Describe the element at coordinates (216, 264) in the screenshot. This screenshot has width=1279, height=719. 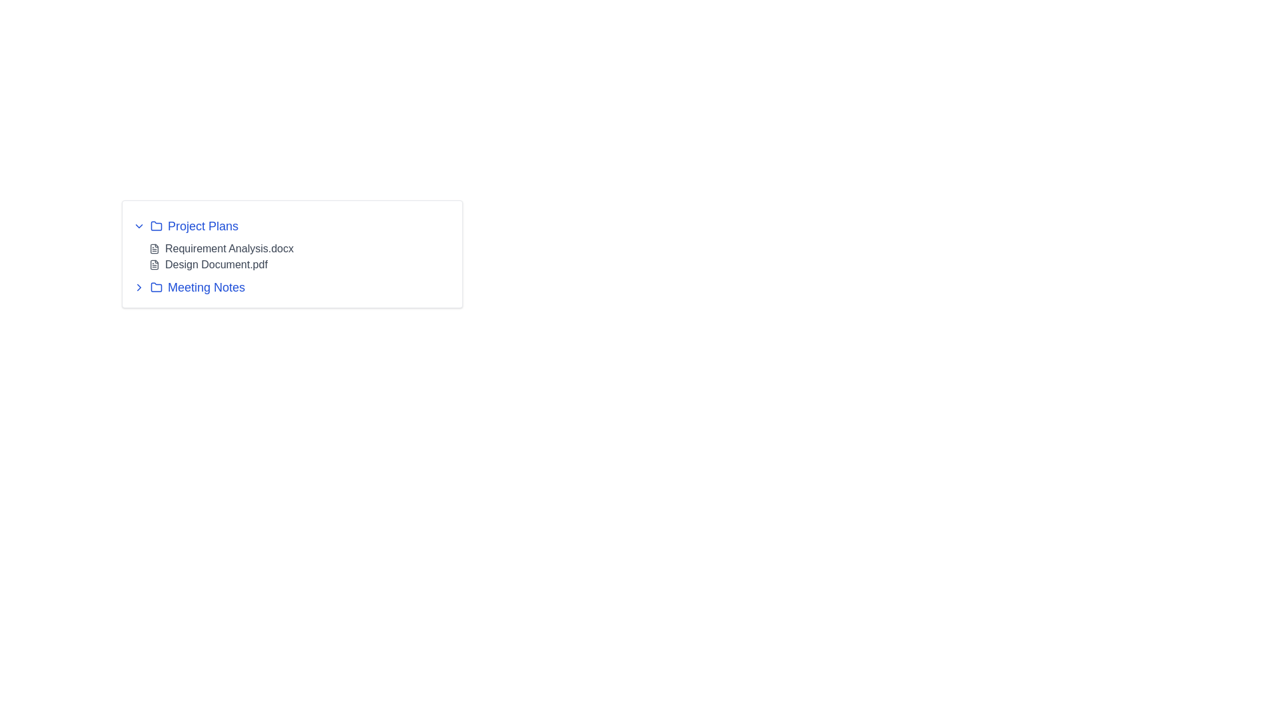
I see `the text label indicating the file named 'Design Document.pdf' located under the 'Project Plans' section, which is the second document listed` at that location.